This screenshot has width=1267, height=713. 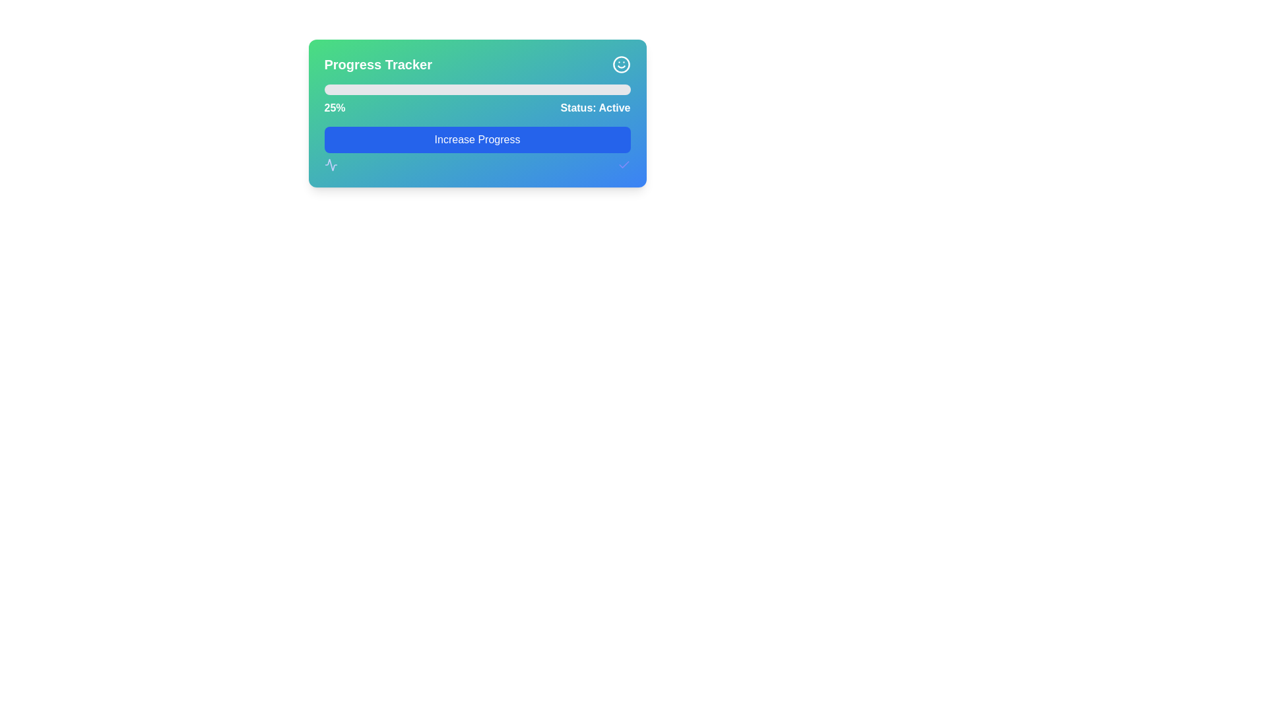 What do you see at coordinates (331, 164) in the screenshot?
I see `the decorative icon representing activity or progress located within the 'Progress Tracker' box, positioned at the lower left corner` at bounding box center [331, 164].